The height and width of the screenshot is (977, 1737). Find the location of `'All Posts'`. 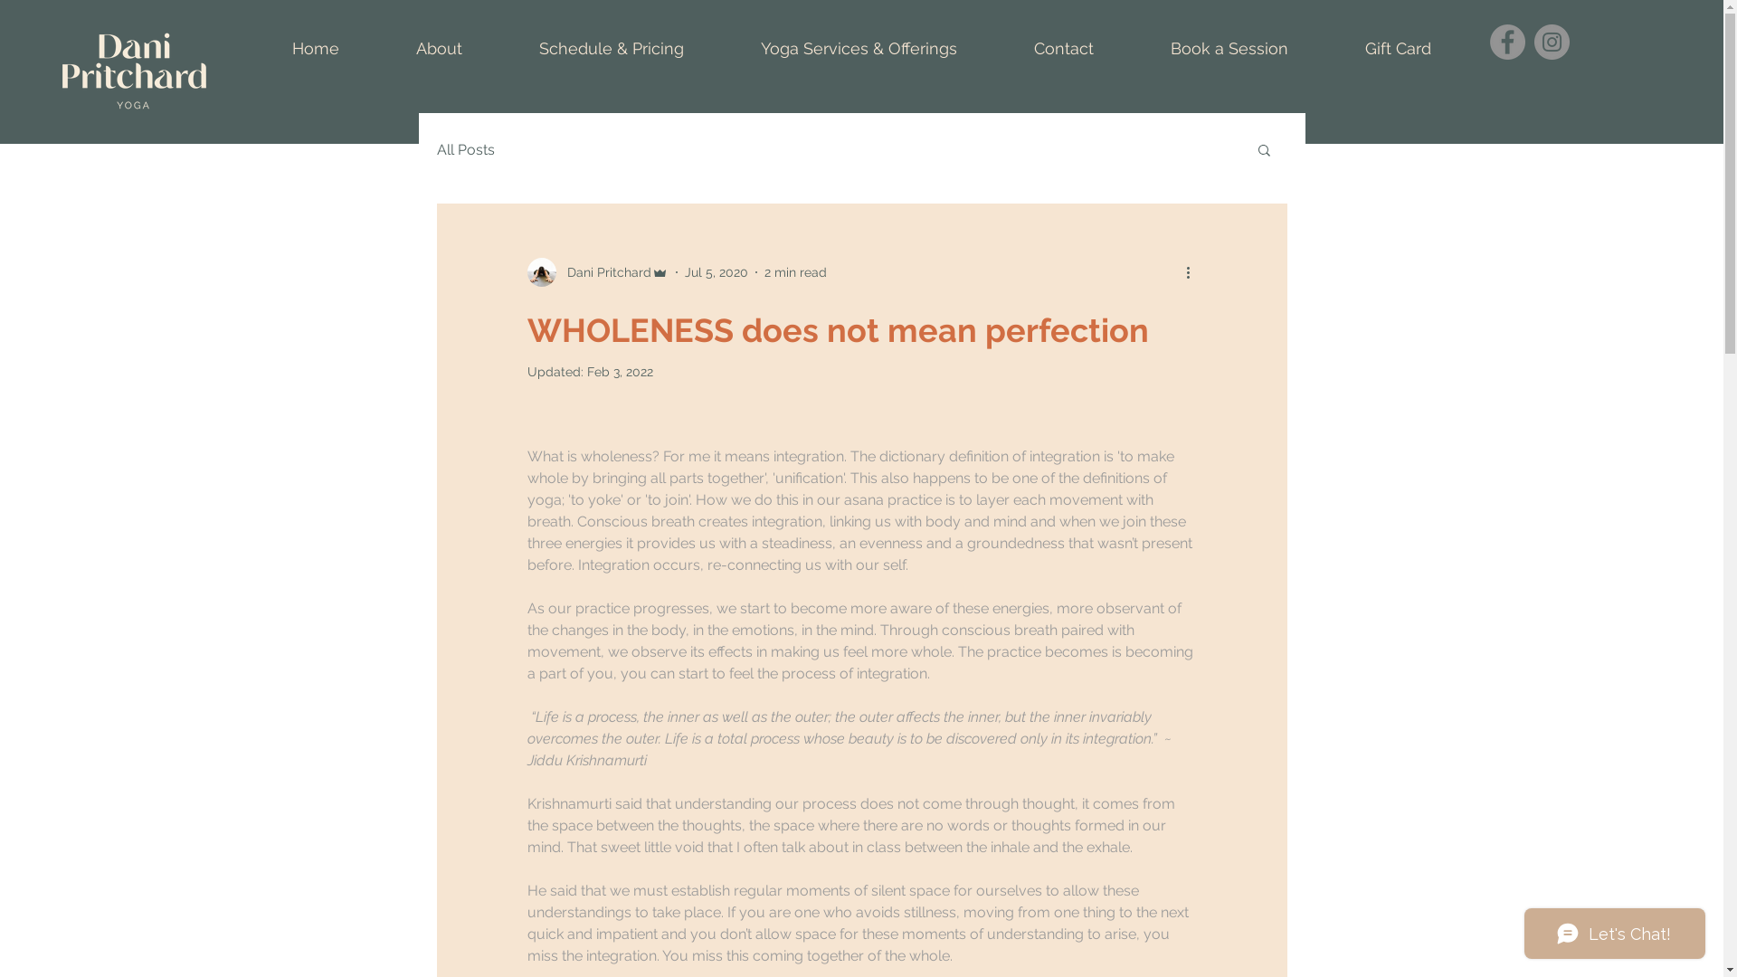

'All Posts' is located at coordinates (464, 148).